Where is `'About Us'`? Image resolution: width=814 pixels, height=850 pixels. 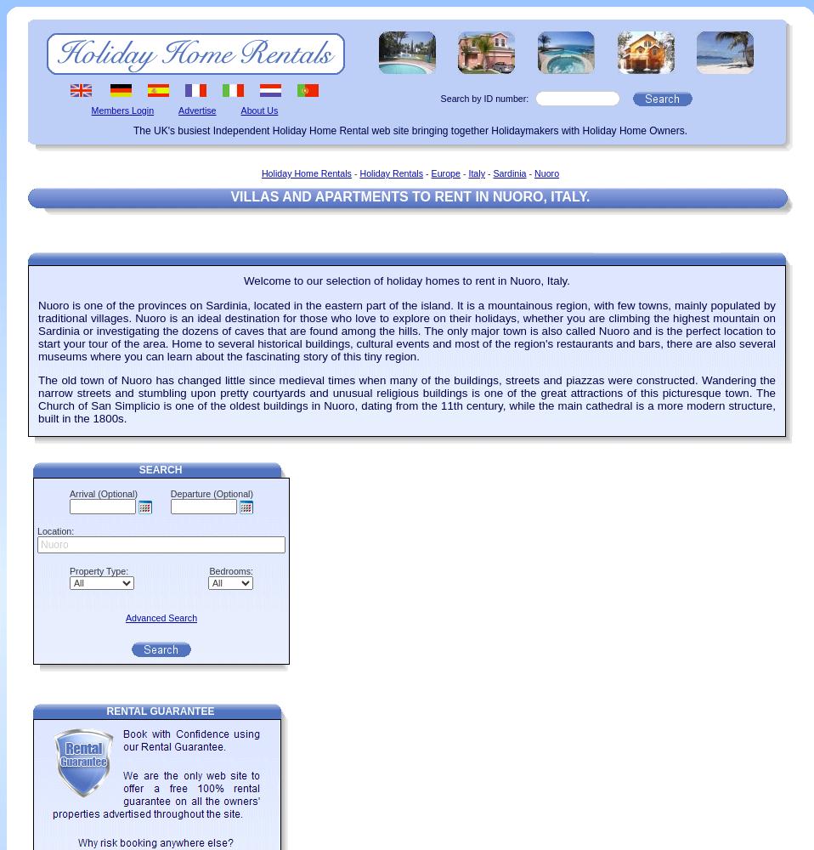
'About Us' is located at coordinates (259, 110).